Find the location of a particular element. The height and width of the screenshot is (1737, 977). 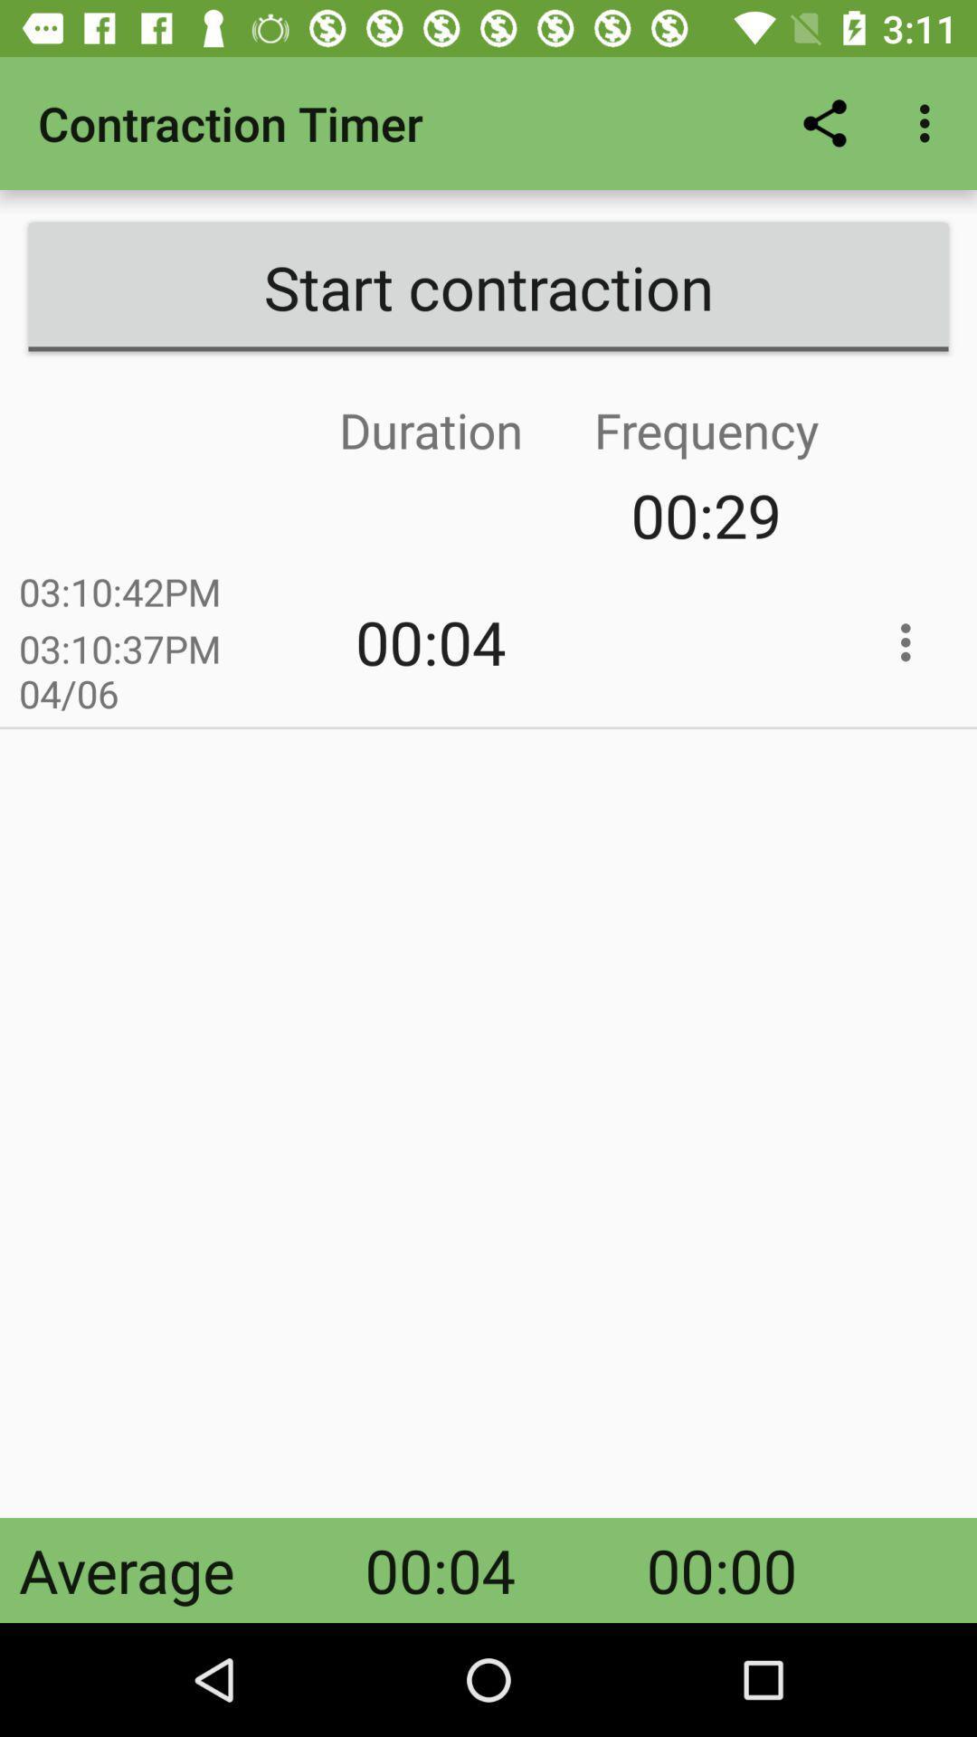

the text which is in between average and 0000 is located at coordinates (441, 1570).